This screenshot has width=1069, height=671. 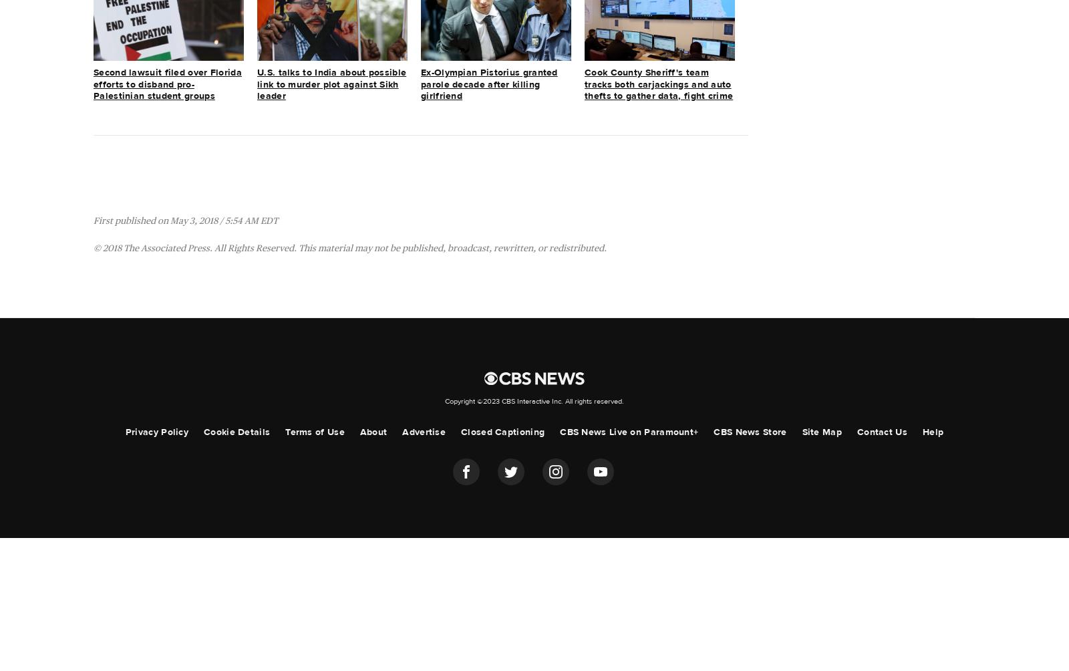 What do you see at coordinates (314, 430) in the screenshot?
I see `'Terms of Use'` at bounding box center [314, 430].